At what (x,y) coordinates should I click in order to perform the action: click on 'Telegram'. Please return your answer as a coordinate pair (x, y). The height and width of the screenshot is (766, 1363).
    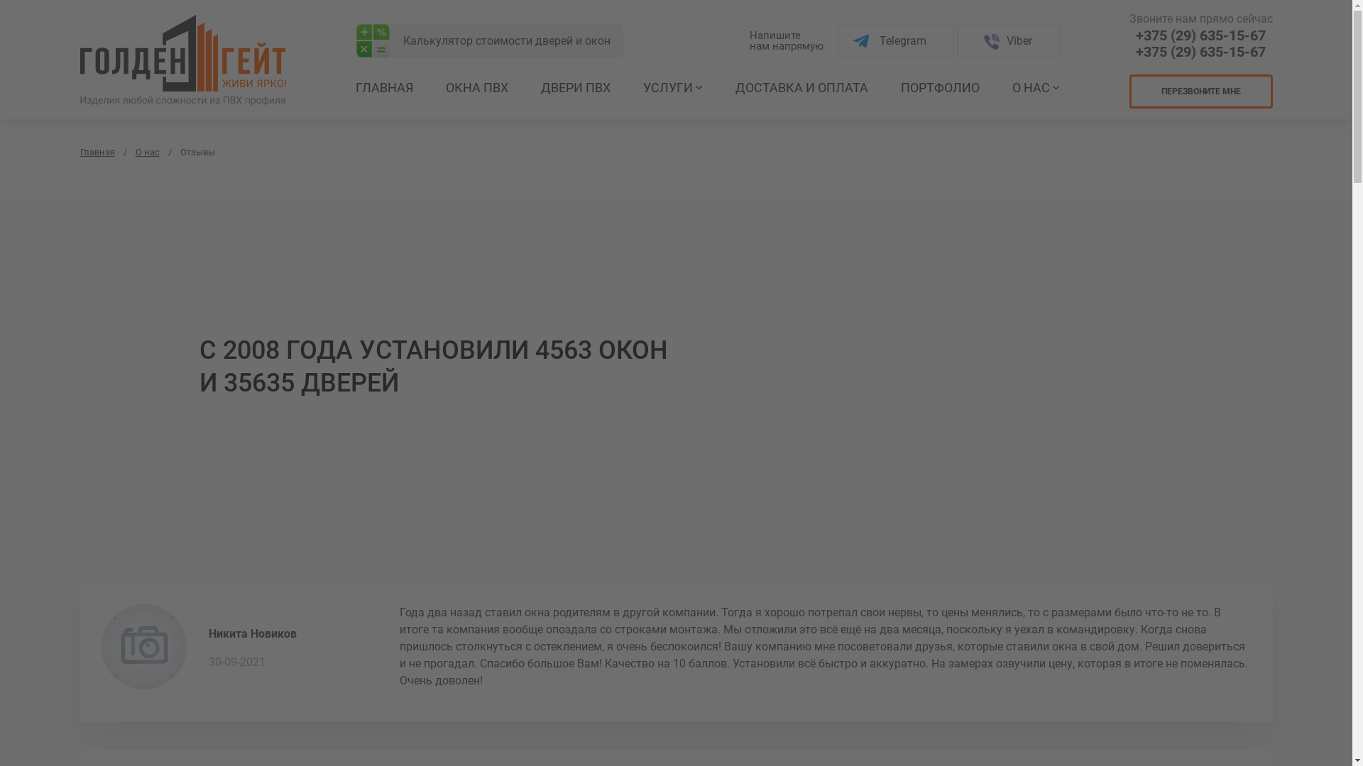
    Looking at the image, I should click on (895, 40).